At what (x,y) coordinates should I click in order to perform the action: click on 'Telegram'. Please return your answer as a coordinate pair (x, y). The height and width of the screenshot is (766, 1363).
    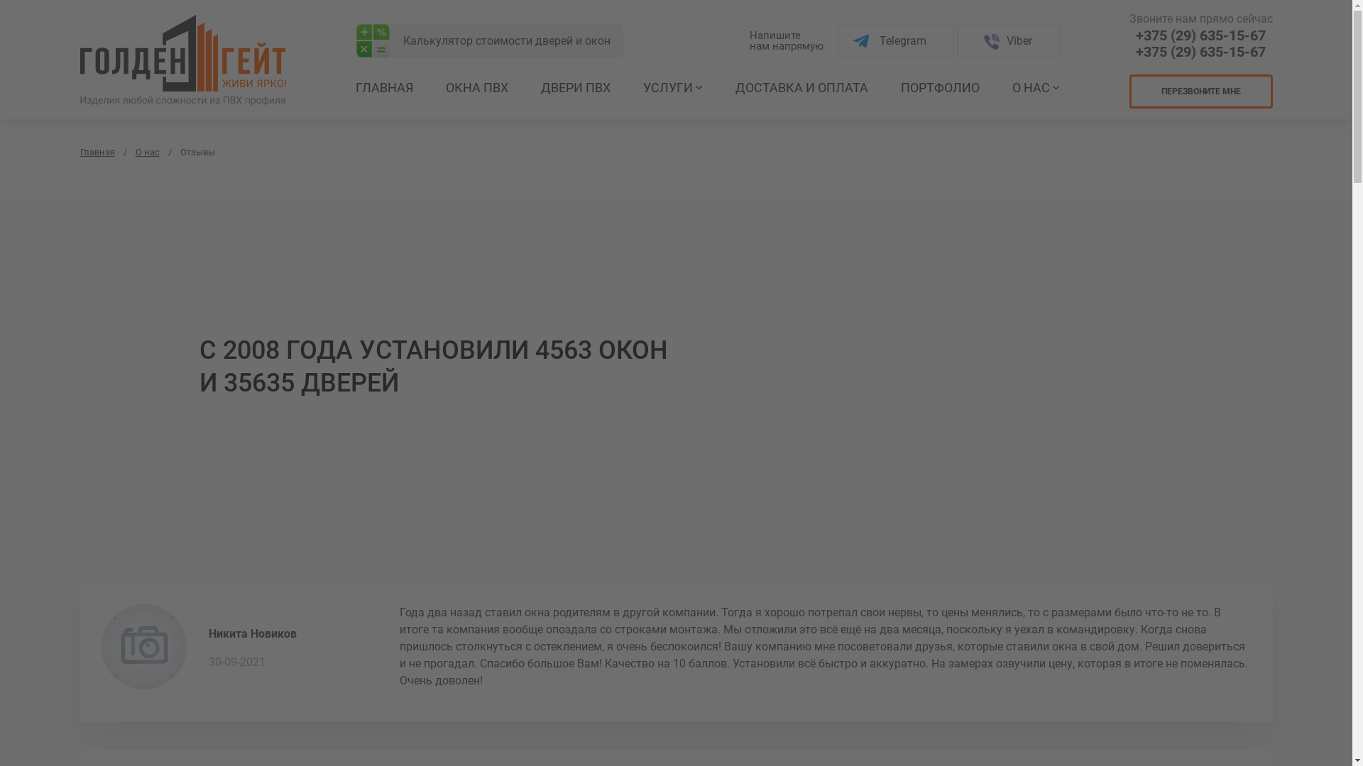
    Looking at the image, I should click on (895, 40).